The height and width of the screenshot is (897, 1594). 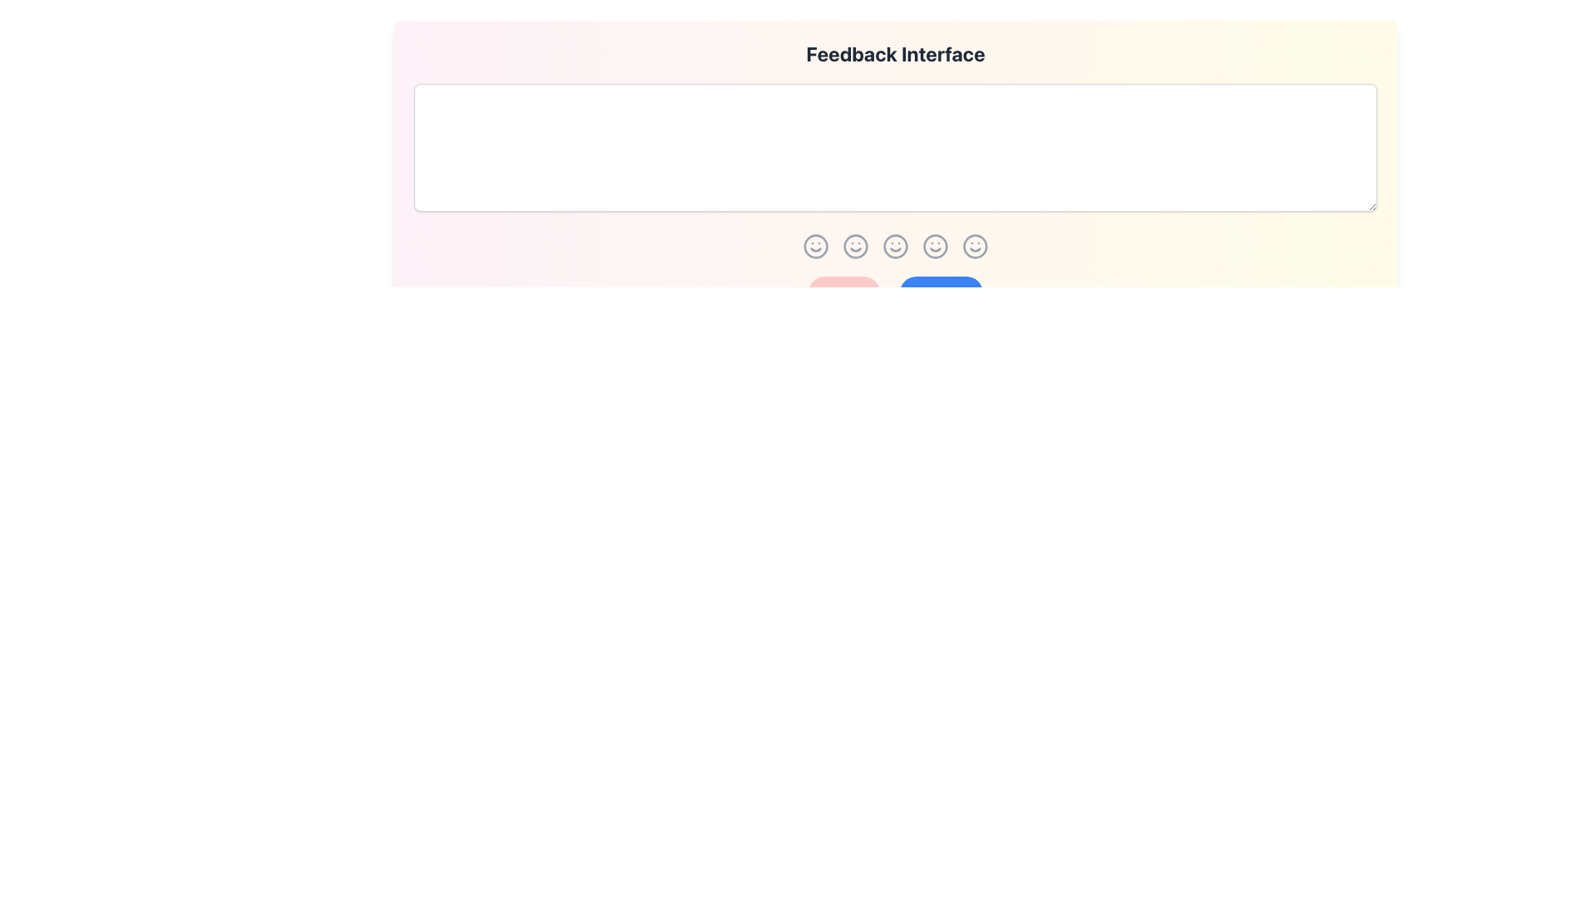 I want to click on the fourth smiley face icon in the rating system, so click(x=895, y=247).